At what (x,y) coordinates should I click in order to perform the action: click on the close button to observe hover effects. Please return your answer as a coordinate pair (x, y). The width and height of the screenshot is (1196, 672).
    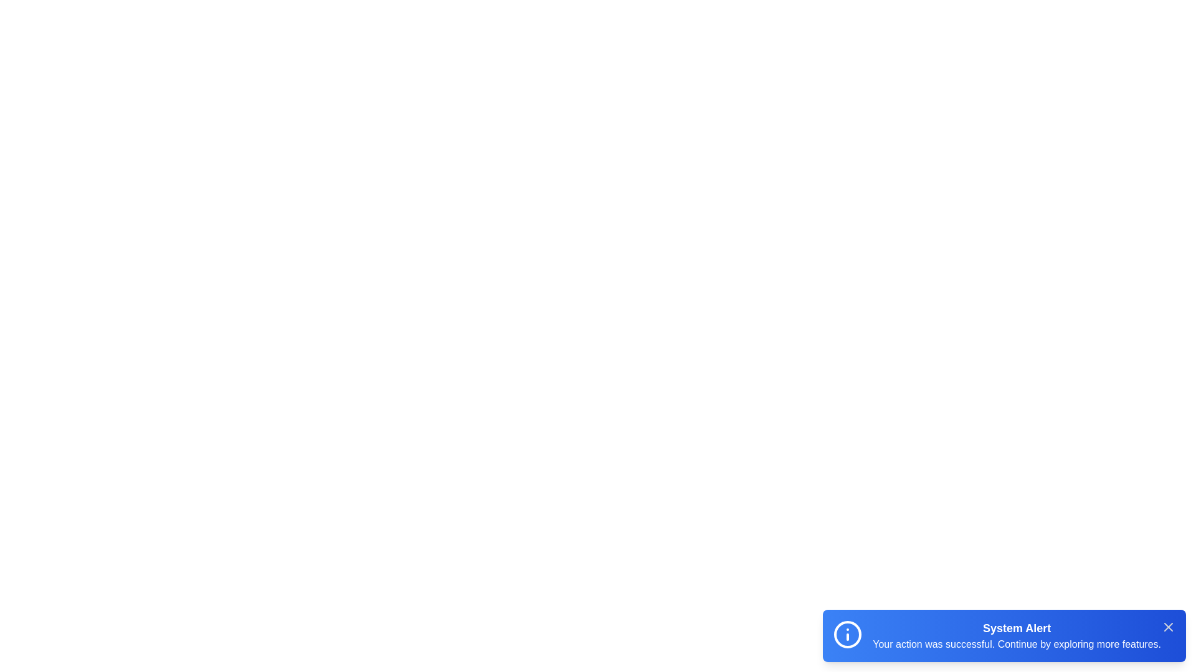
    Looking at the image, I should click on (1168, 627).